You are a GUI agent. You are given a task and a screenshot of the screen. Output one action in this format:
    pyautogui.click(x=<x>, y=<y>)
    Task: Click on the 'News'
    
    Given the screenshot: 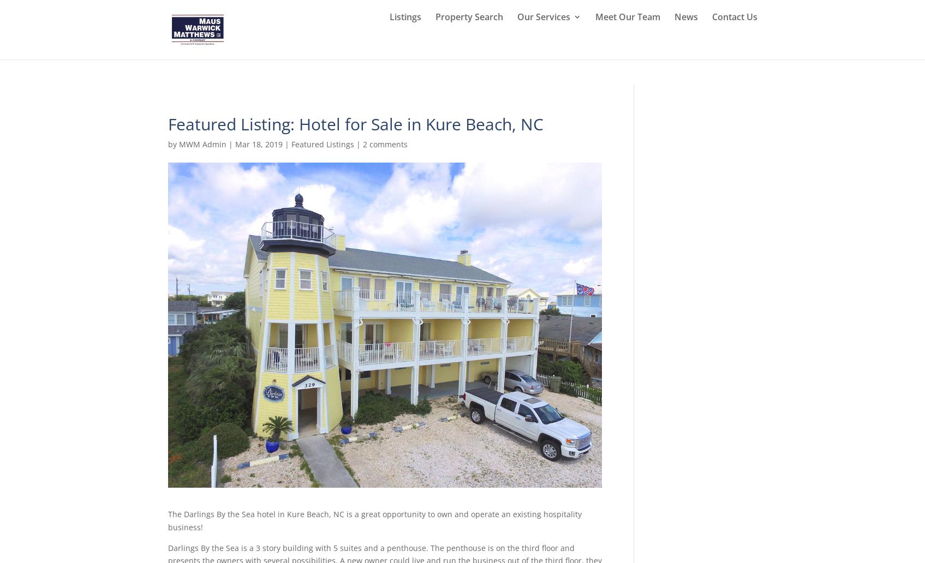 What is the action you would take?
    pyautogui.click(x=685, y=43)
    